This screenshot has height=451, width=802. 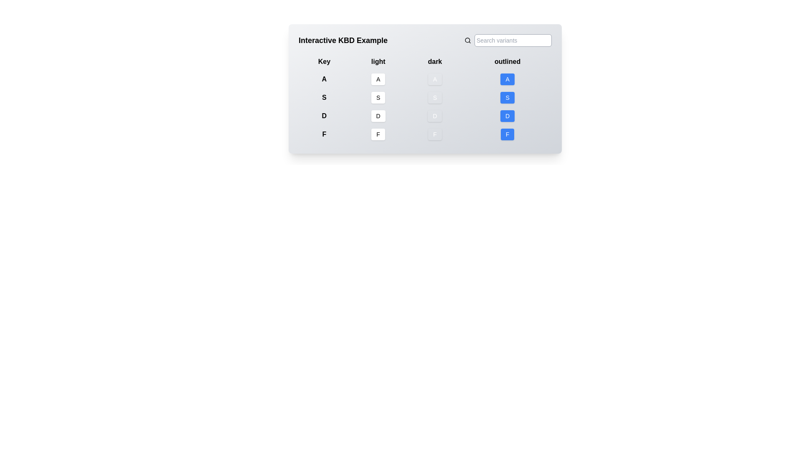 What do you see at coordinates (434, 116) in the screenshot?
I see `the small rectangular button with rounded corners that has a white letter 'D' on a dark gray background, located in the third row and third column of the keyboard layout examples` at bounding box center [434, 116].